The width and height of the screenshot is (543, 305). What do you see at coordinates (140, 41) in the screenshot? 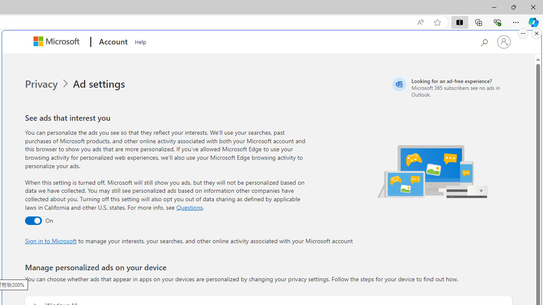
I see `'Help'` at bounding box center [140, 41].